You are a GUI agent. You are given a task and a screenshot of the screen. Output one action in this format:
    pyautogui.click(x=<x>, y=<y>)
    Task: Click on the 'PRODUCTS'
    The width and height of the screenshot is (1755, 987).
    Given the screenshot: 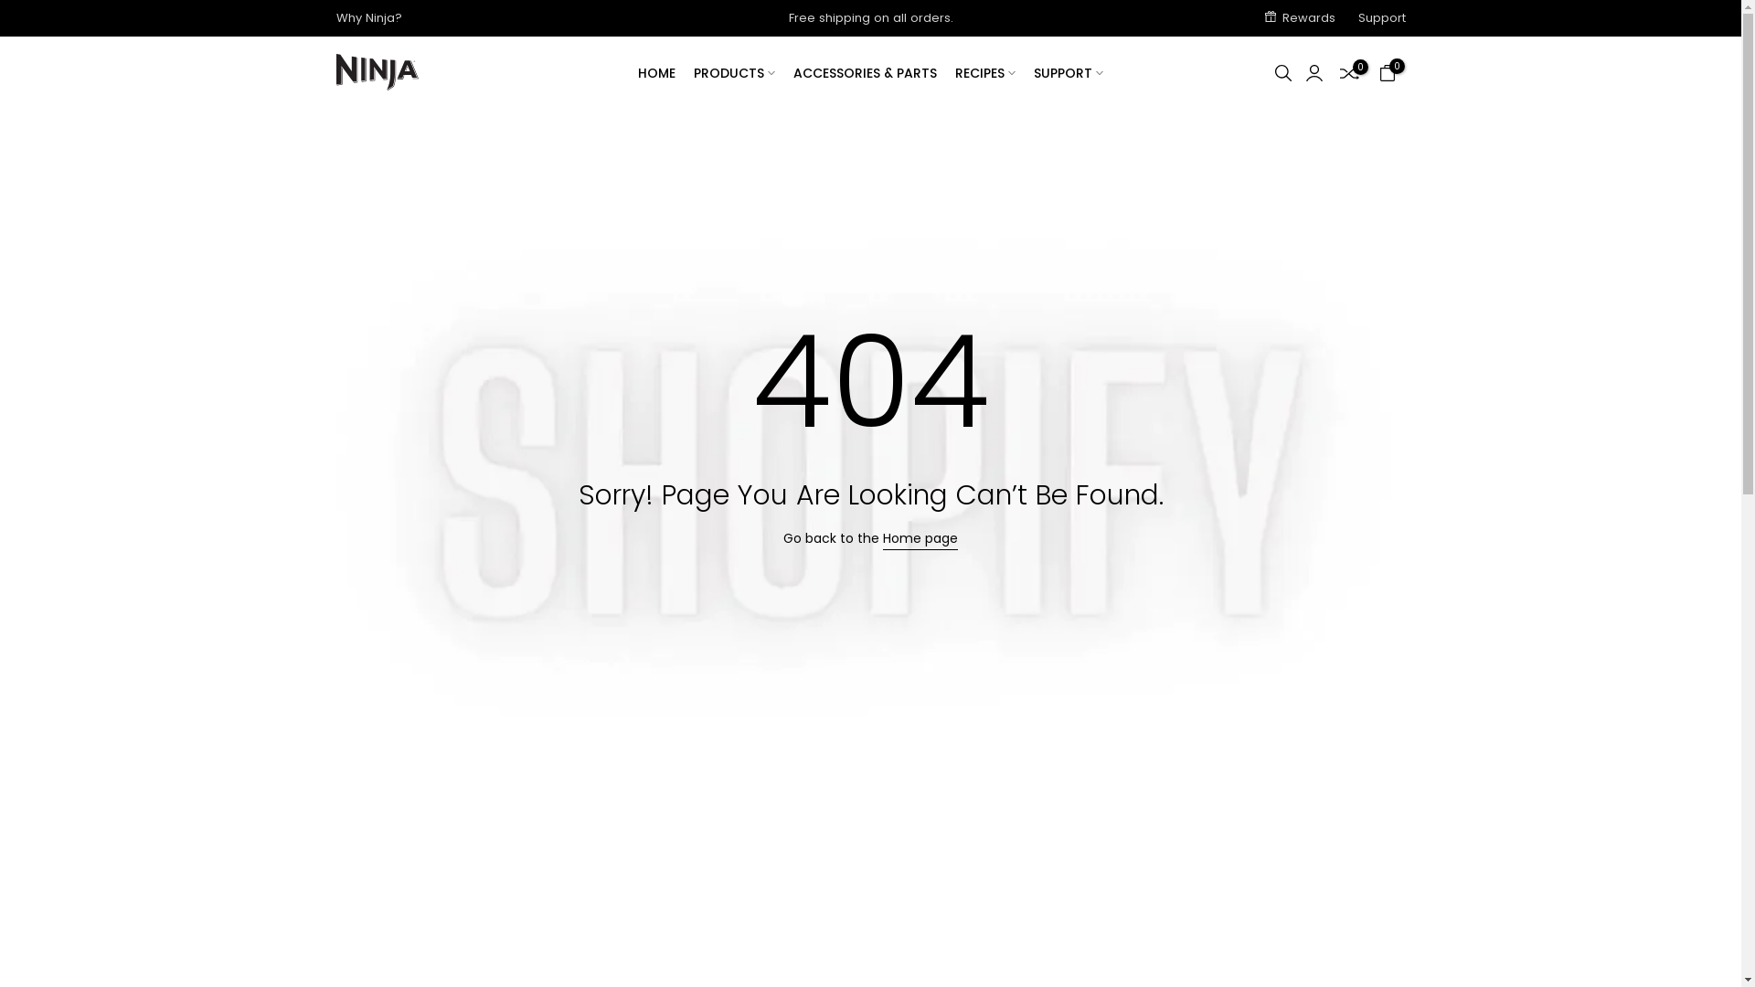 What is the action you would take?
    pyautogui.click(x=734, y=72)
    